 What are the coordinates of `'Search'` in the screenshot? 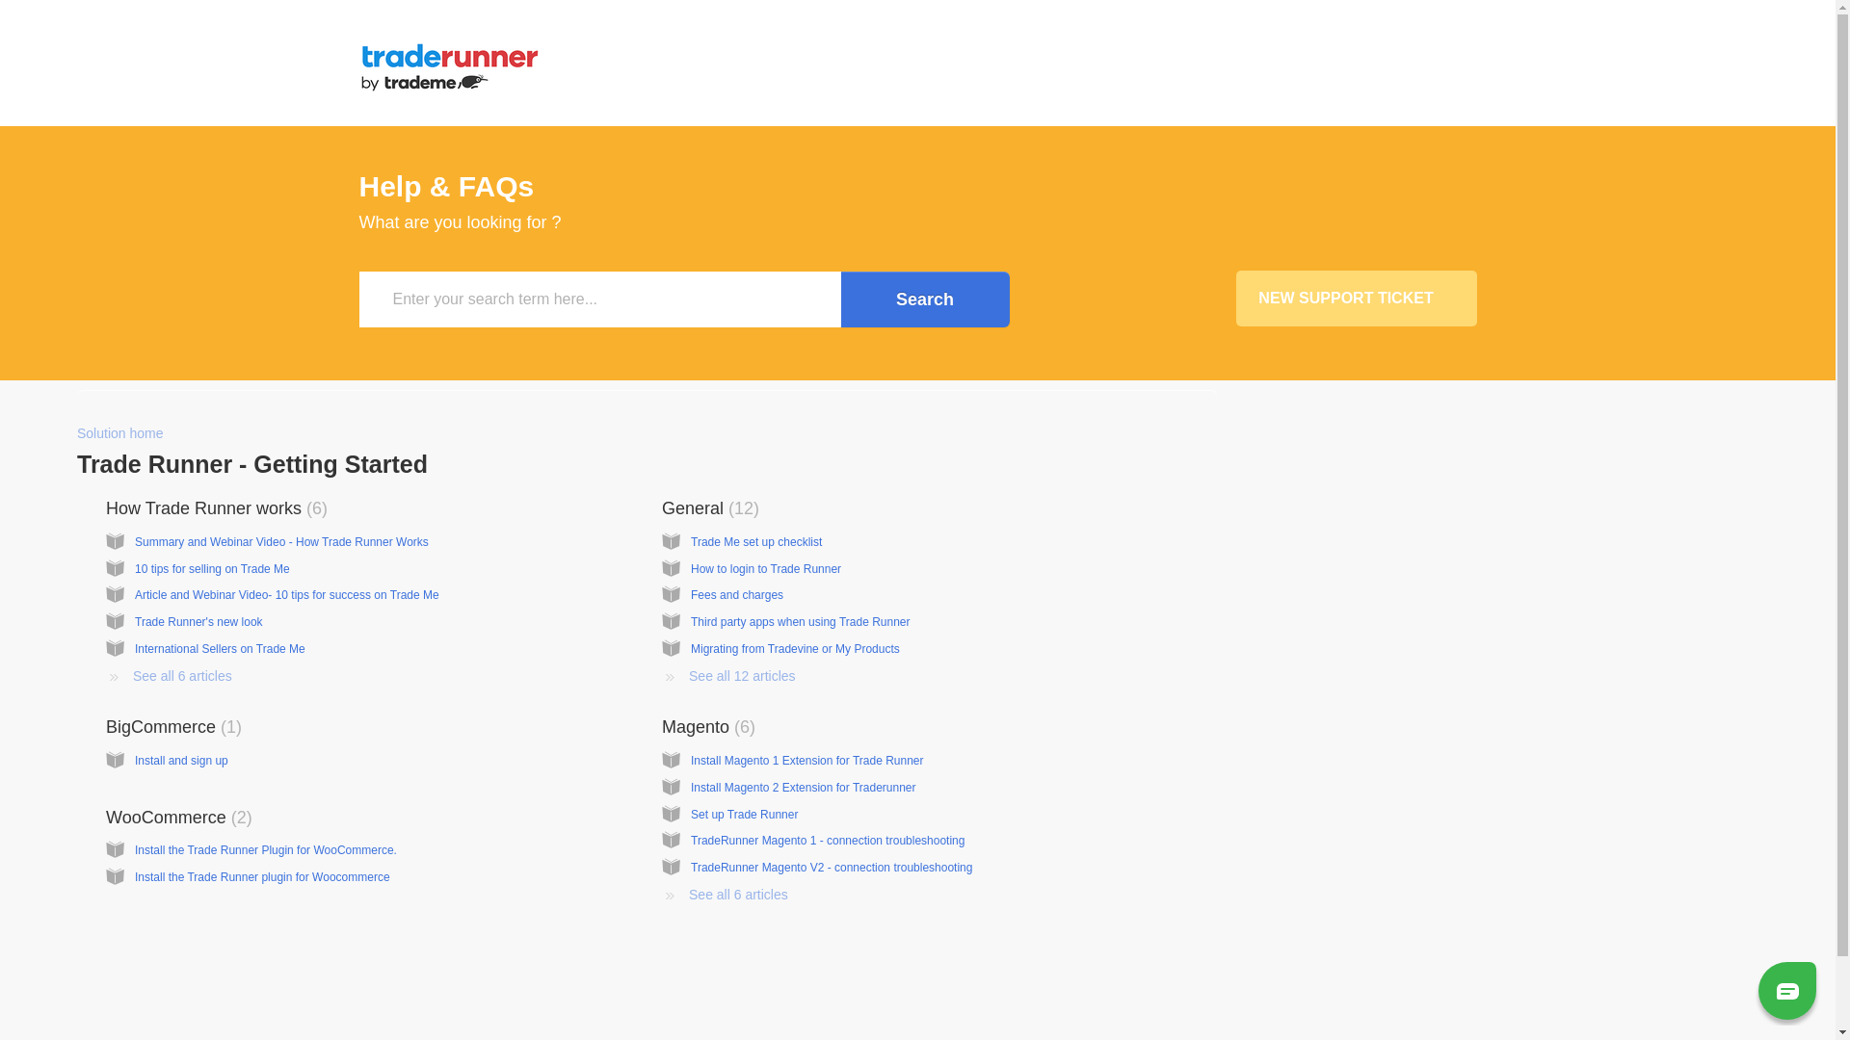 It's located at (923, 299).